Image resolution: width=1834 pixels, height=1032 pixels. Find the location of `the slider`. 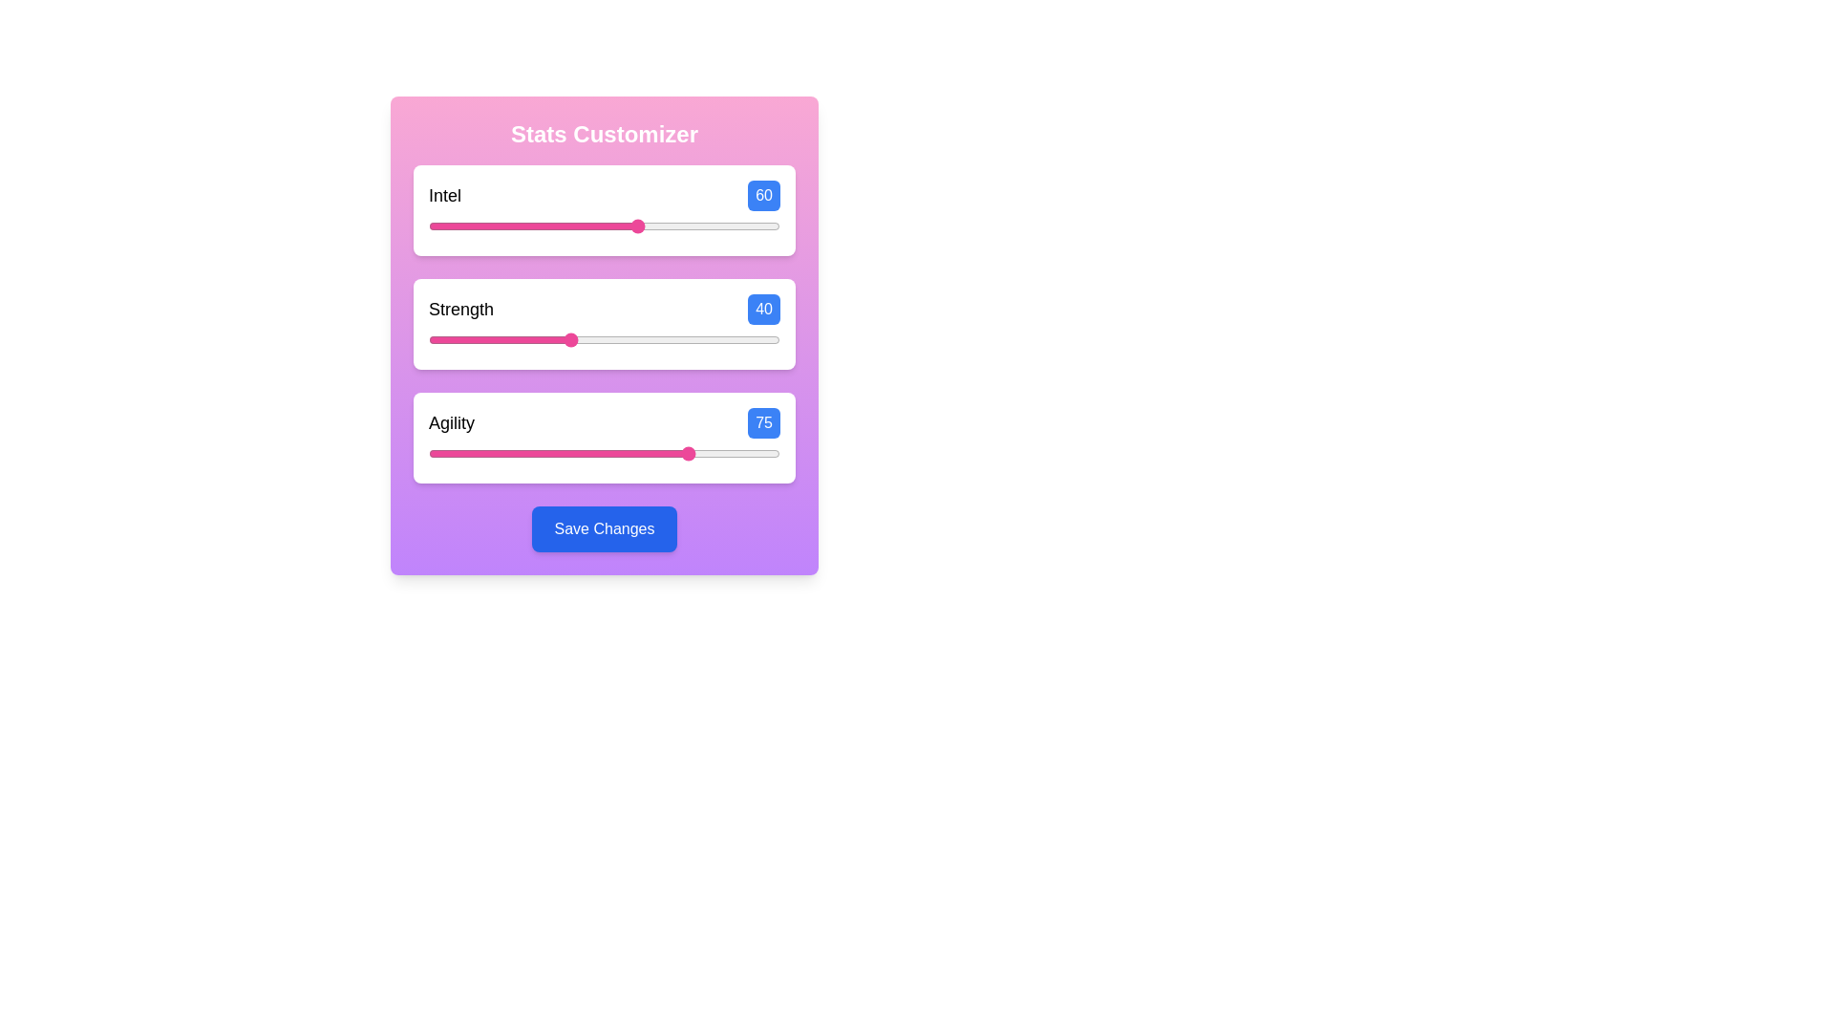

the slider is located at coordinates (428, 225).